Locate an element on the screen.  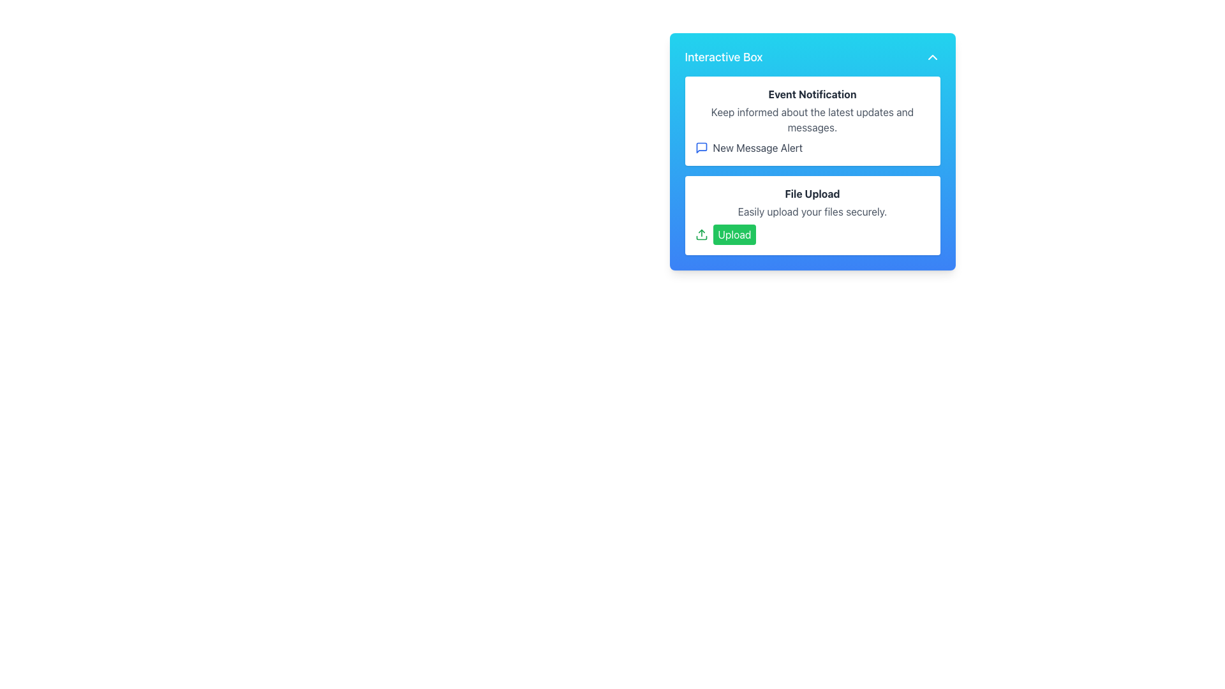
the Informational Card labeled 'Event Notification' which features a bold header and a text link 'New Message Alert' at the bottom is located at coordinates (812, 121).